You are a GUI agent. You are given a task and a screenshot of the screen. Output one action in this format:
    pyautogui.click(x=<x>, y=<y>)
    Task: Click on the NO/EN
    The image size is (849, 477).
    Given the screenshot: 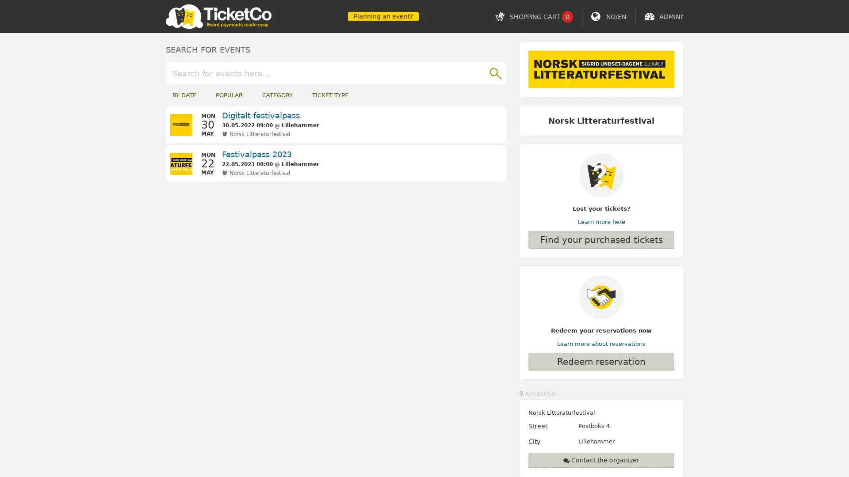 What is the action you would take?
    pyautogui.click(x=616, y=16)
    